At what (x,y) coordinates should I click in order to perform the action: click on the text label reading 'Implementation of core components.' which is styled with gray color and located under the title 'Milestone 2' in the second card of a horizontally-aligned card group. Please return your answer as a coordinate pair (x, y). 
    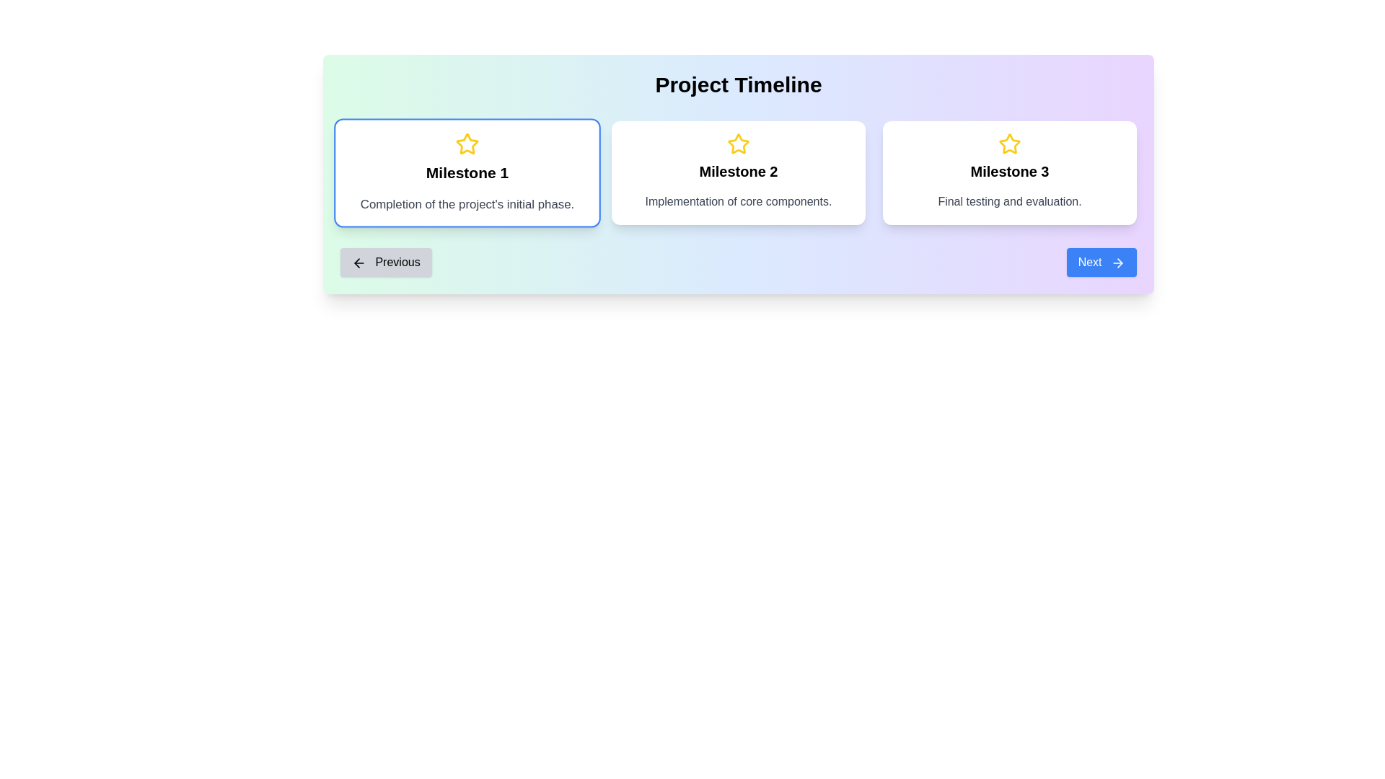
    Looking at the image, I should click on (738, 202).